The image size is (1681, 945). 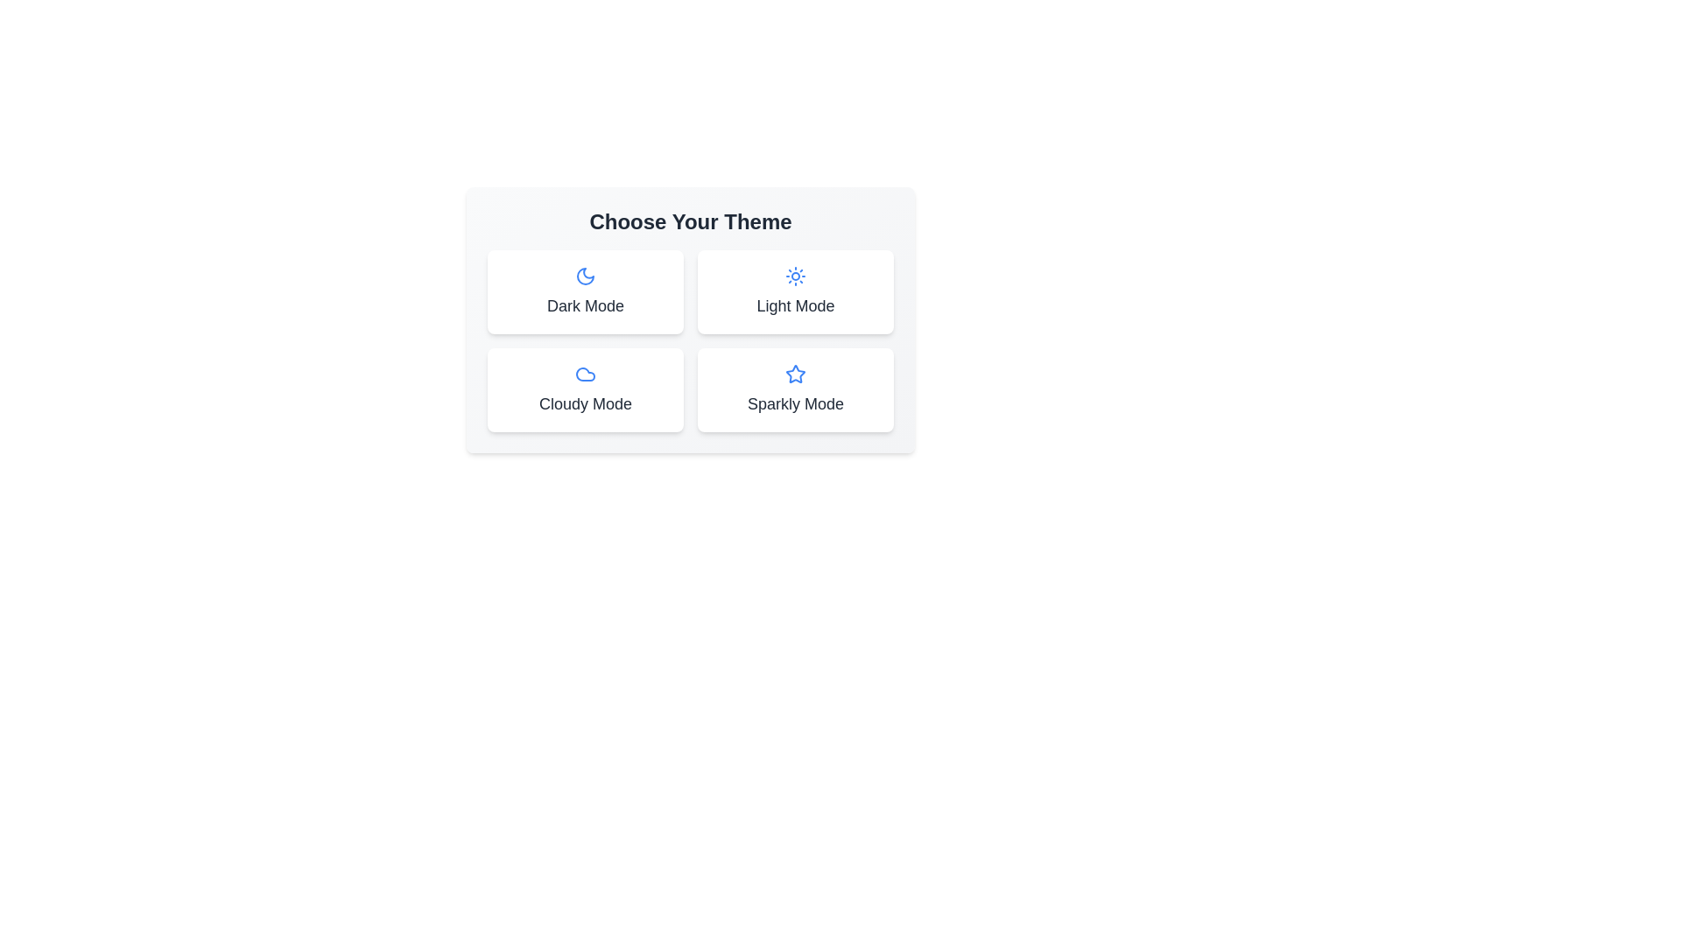 I want to click on the blue star icon, which is outlined and positioned above the text 'Sparkly Mode' within its card in the bottom-right corner of the grid, so click(x=794, y=374).